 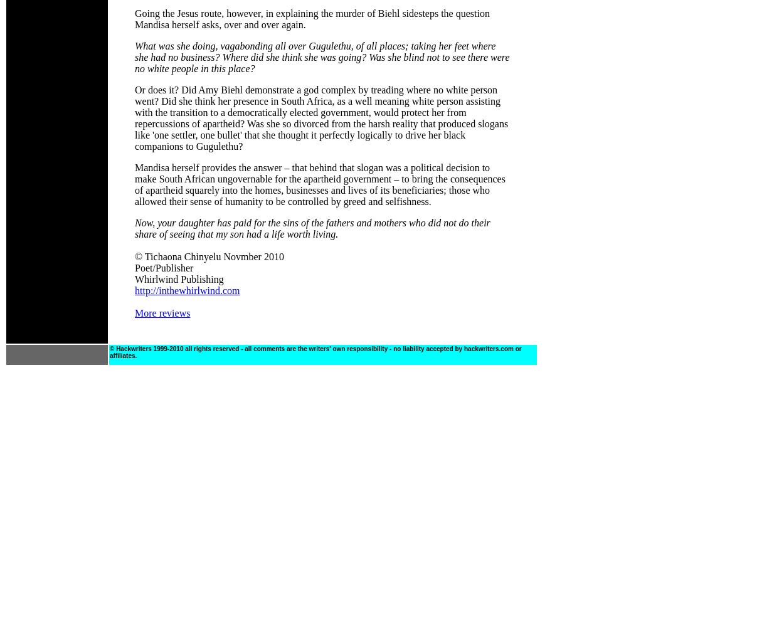 I want to click on 'Poet/Publisher', so click(x=164, y=268).